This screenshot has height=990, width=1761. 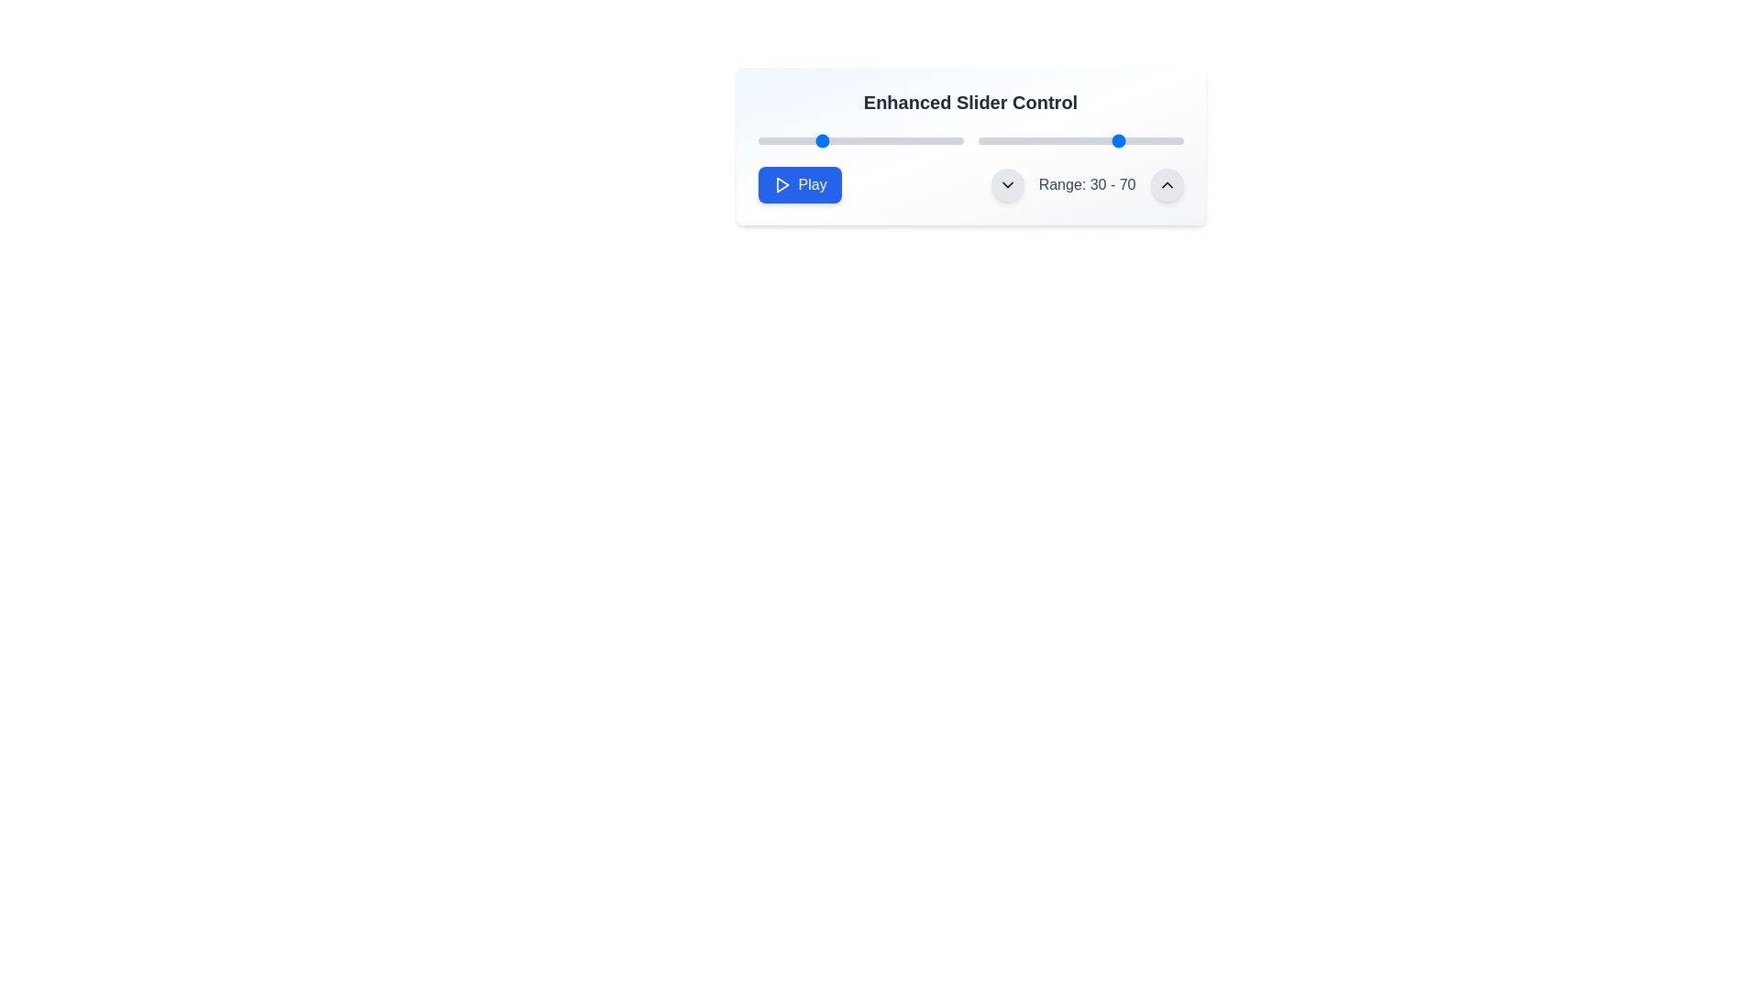 I want to click on the Static Text Display that shows 'Range: 30 - 70', which is centrally located between two circular buttons with downward and upward chevron icons, so click(x=1087, y=184).